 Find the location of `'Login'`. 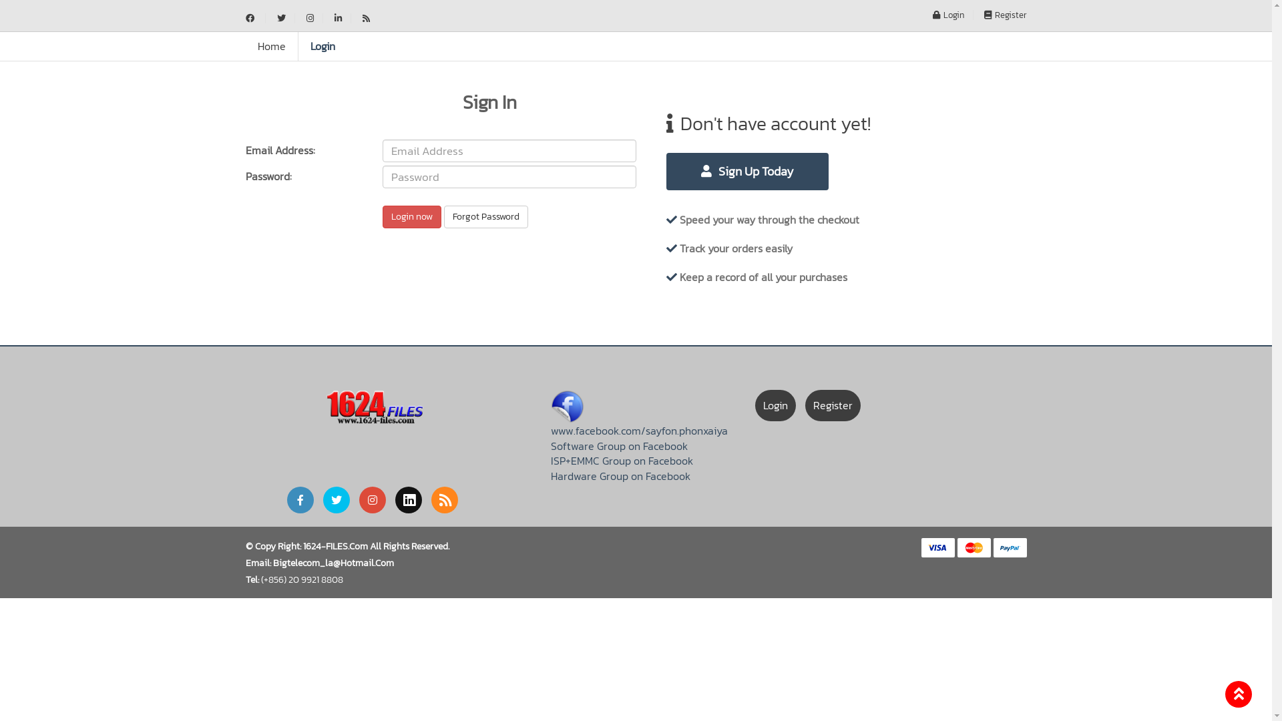

'Login' is located at coordinates (322, 45).